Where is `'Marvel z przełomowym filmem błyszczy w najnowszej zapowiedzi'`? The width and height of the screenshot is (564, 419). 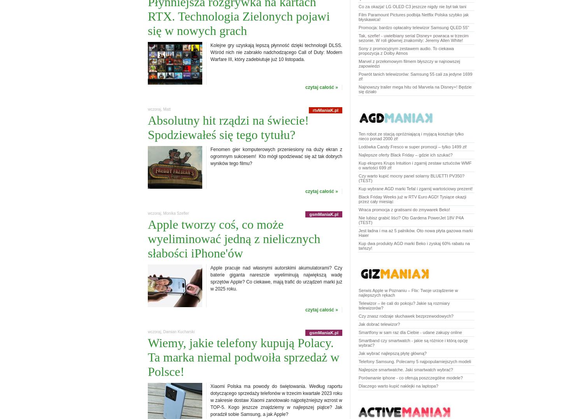 'Marvel z przełomowym filmem błyszczy w najnowszej zapowiedzi' is located at coordinates (409, 63).